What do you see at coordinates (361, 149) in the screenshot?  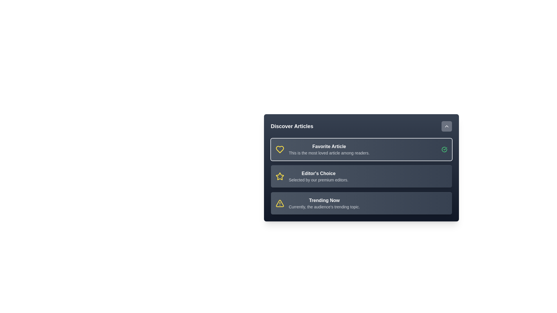 I see `the article titled Favorite Article` at bounding box center [361, 149].